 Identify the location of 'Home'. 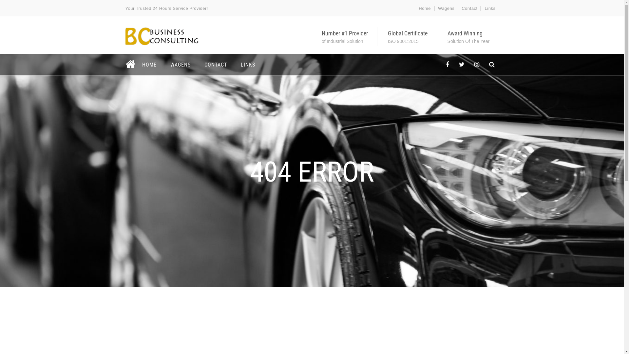
(425, 8).